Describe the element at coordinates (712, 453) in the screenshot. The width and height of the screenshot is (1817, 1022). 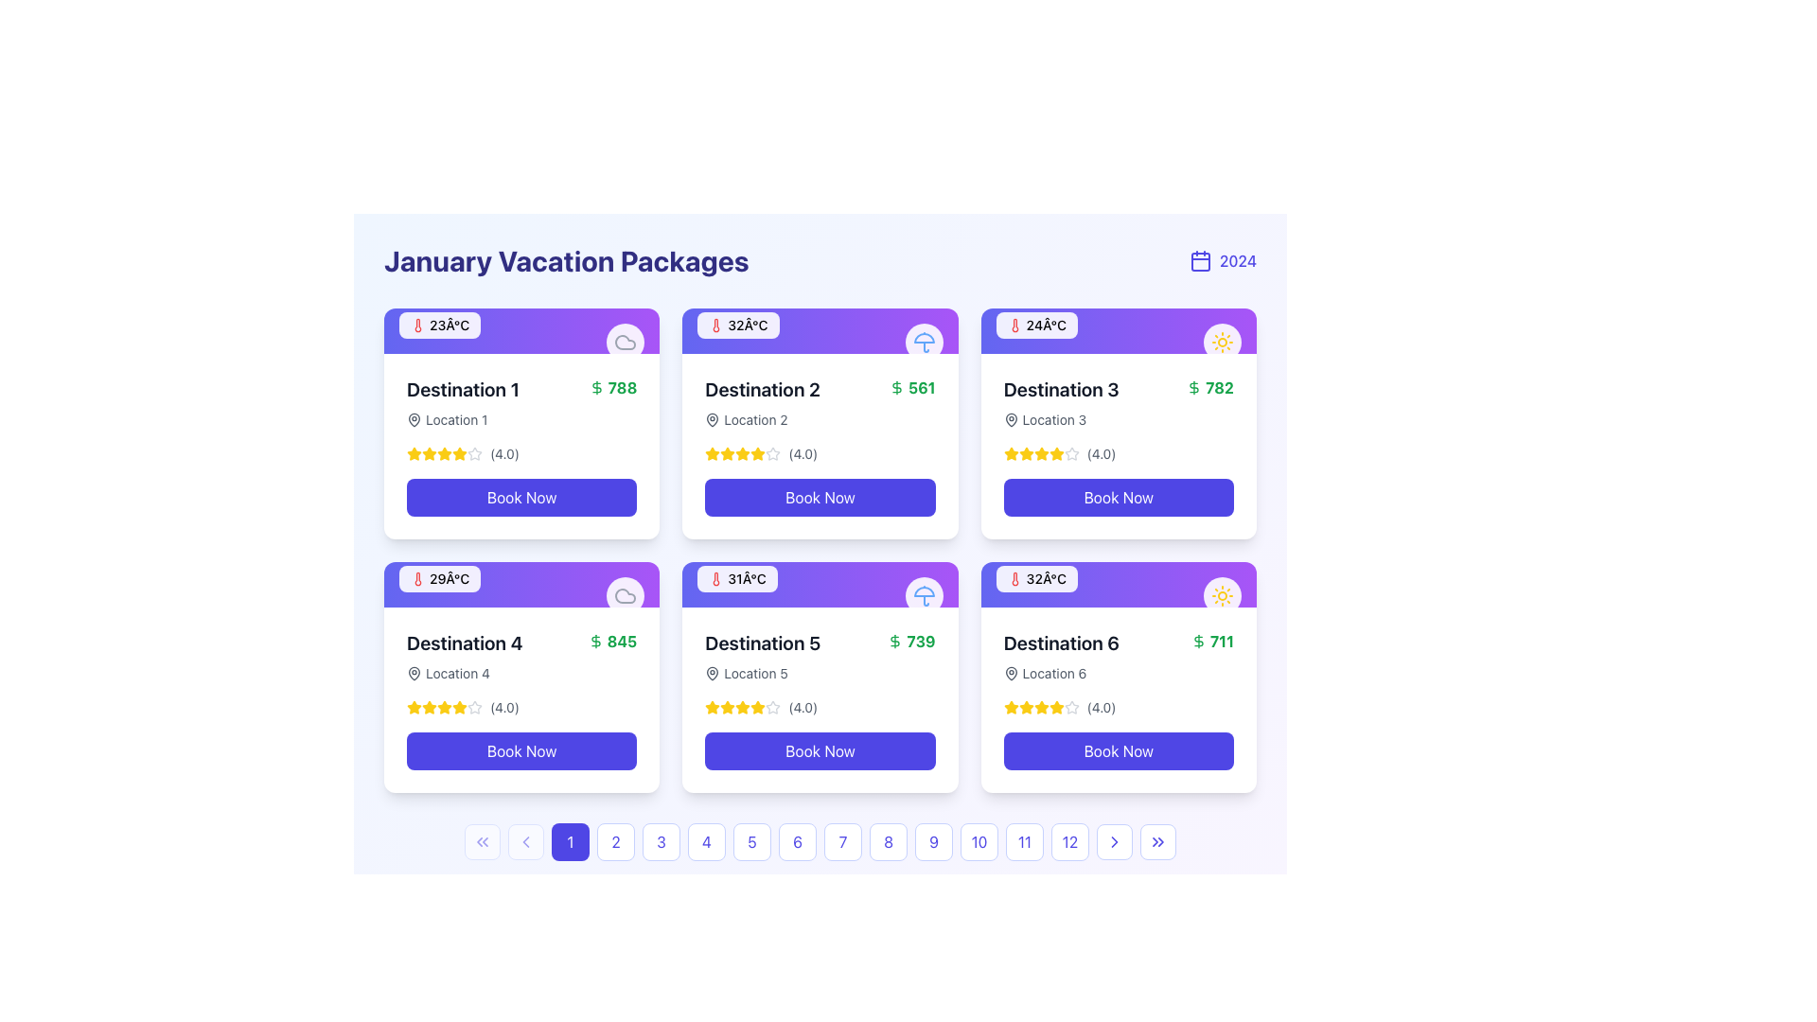
I see `the second star icon in the rating system for 'Destination 2', which is located in the ratings section below the location and price information` at that location.